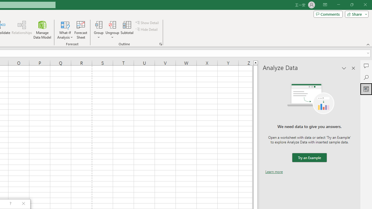 Image resolution: width=372 pixels, height=209 pixels. I want to click on 'Hide Detail', so click(147, 29).